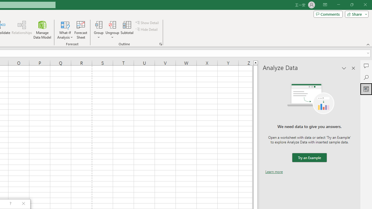 Image resolution: width=372 pixels, height=209 pixels. I want to click on 'Hide Detail', so click(147, 29).